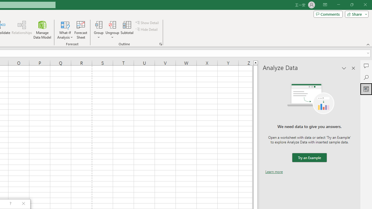 Image resolution: width=372 pixels, height=209 pixels. I want to click on 'Hide Detail', so click(147, 29).